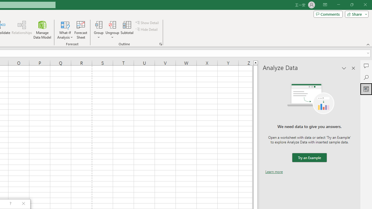 Image resolution: width=372 pixels, height=209 pixels. I want to click on 'Hide Detail', so click(147, 29).